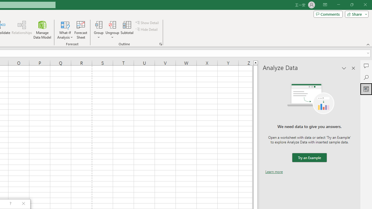 Image resolution: width=372 pixels, height=209 pixels. I want to click on 'Hide Detail', so click(147, 29).